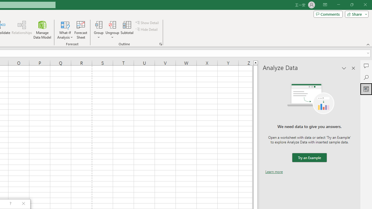 Image resolution: width=372 pixels, height=209 pixels. I want to click on 'Hide Detail', so click(147, 29).